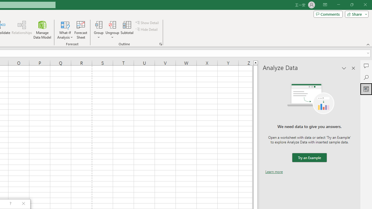 Image resolution: width=372 pixels, height=209 pixels. I want to click on 'Hide Detail', so click(147, 29).